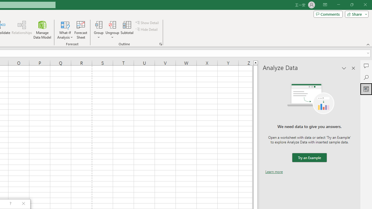 Image resolution: width=372 pixels, height=209 pixels. I want to click on 'Hide Detail', so click(147, 29).